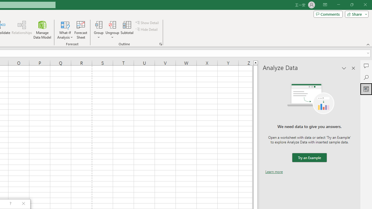 Image resolution: width=372 pixels, height=209 pixels. I want to click on 'Hide Detail', so click(147, 29).